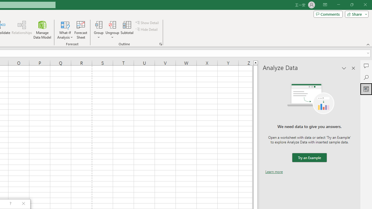 Image resolution: width=372 pixels, height=209 pixels. I want to click on 'Hide Detail', so click(147, 29).